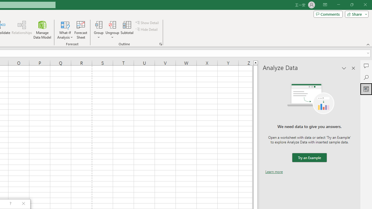 Image resolution: width=372 pixels, height=209 pixels. I want to click on 'Hide Detail', so click(147, 29).